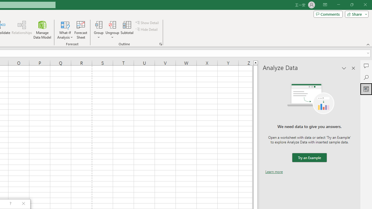 Image resolution: width=372 pixels, height=209 pixels. I want to click on 'Hide Detail', so click(147, 29).